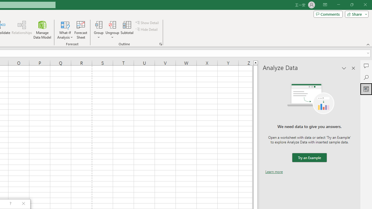 Image resolution: width=372 pixels, height=209 pixels. I want to click on 'Hide Detail', so click(147, 29).